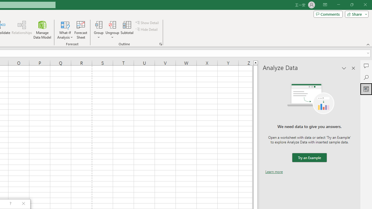 Image resolution: width=372 pixels, height=209 pixels. I want to click on 'Hide Detail', so click(147, 29).